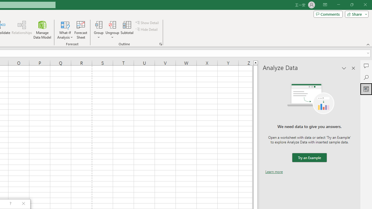 Image resolution: width=372 pixels, height=209 pixels. I want to click on 'Hide Detail', so click(147, 29).